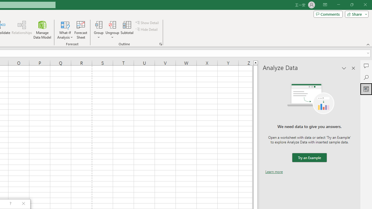 Image resolution: width=372 pixels, height=209 pixels. I want to click on 'Hide Detail', so click(147, 29).